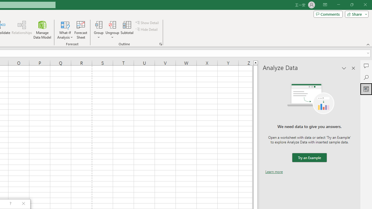 Image resolution: width=372 pixels, height=209 pixels. I want to click on 'Hide Detail', so click(147, 29).